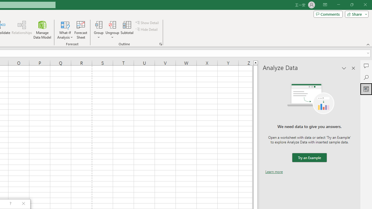 Image resolution: width=372 pixels, height=209 pixels. I want to click on 'Hide Detail', so click(147, 29).